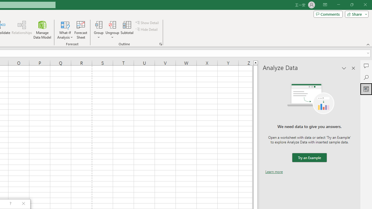 Image resolution: width=372 pixels, height=209 pixels. I want to click on 'Hide Detail', so click(147, 29).